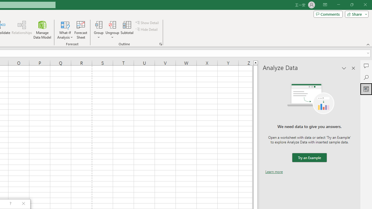 Image resolution: width=372 pixels, height=209 pixels. I want to click on 'Hide Detail', so click(147, 29).